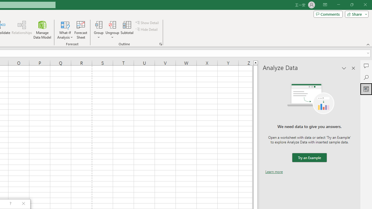 Image resolution: width=372 pixels, height=209 pixels. I want to click on 'Hide Detail', so click(147, 29).